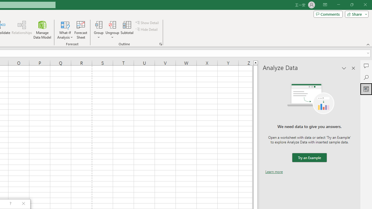 Image resolution: width=372 pixels, height=209 pixels. I want to click on 'Hide Detail', so click(147, 29).